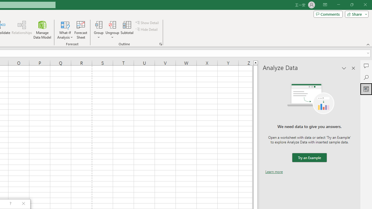 Image resolution: width=372 pixels, height=209 pixels. I want to click on 'Hide Detail', so click(147, 29).